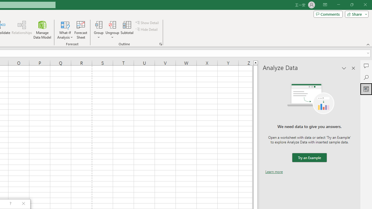 Image resolution: width=372 pixels, height=209 pixels. I want to click on 'Hide Detail', so click(147, 29).